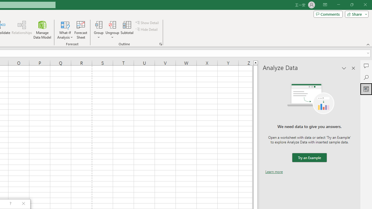 Image resolution: width=372 pixels, height=209 pixels. I want to click on 'Hide Detail', so click(147, 29).